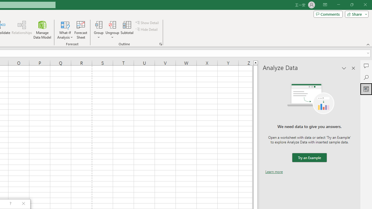 Image resolution: width=372 pixels, height=209 pixels. I want to click on 'Hide Detail', so click(147, 29).